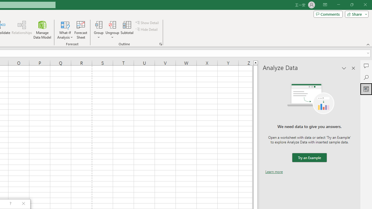 Image resolution: width=372 pixels, height=209 pixels. I want to click on 'Hide Detail', so click(147, 29).